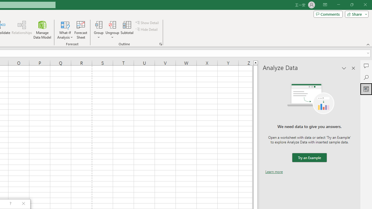 Image resolution: width=372 pixels, height=209 pixels. I want to click on 'Hide Detail', so click(147, 29).